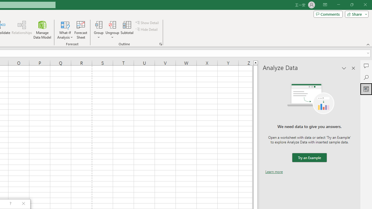 Image resolution: width=372 pixels, height=209 pixels. I want to click on 'Hide Detail', so click(147, 29).